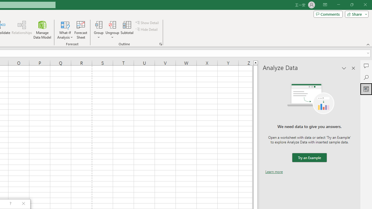 Image resolution: width=372 pixels, height=209 pixels. I want to click on 'Hide Detail', so click(147, 29).